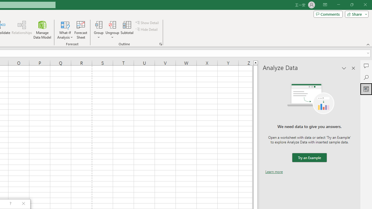 Image resolution: width=372 pixels, height=209 pixels. I want to click on 'Hide Detail', so click(147, 29).